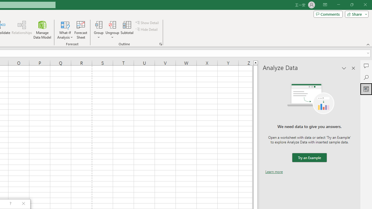 Image resolution: width=372 pixels, height=209 pixels. I want to click on 'Hide Detail', so click(147, 29).